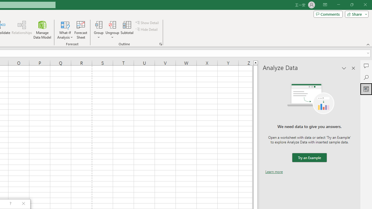 Image resolution: width=372 pixels, height=209 pixels. I want to click on 'Hide Detail', so click(147, 29).